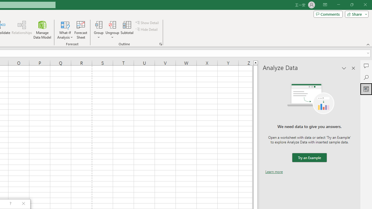 Image resolution: width=372 pixels, height=209 pixels. I want to click on 'Hide Detail', so click(147, 29).